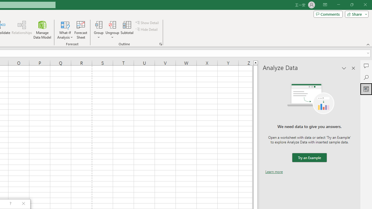 Image resolution: width=372 pixels, height=209 pixels. I want to click on 'Hide Detail', so click(147, 29).